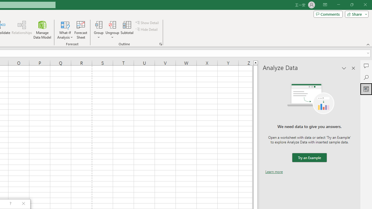 Image resolution: width=372 pixels, height=209 pixels. I want to click on 'Hide Detail', so click(147, 29).